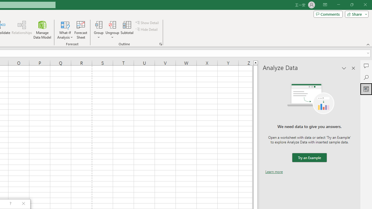 Image resolution: width=372 pixels, height=209 pixels. I want to click on 'Hide Detail', so click(147, 29).